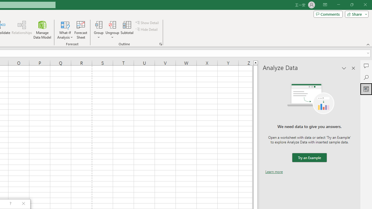 Image resolution: width=372 pixels, height=209 pixels. I want to click on 'Hide Detail', so click(147, 29).